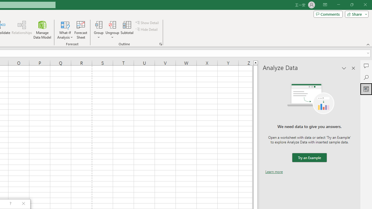 Image resolution: width=372 pixels, height=209 pixels. I want to click on 'Hide Detail', so click(147, 29).